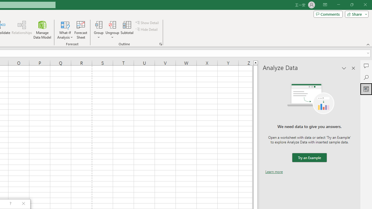 Image resolution: width=372 pixels, height=209 pixels. I want to click on 'Hide Detail', so click(147, 29).